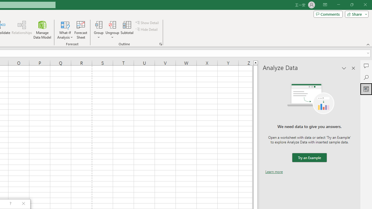 Image resolution: width=372 pixels, height=209 pixels. I want to click on 'Hide Detail', so click(147, 29).